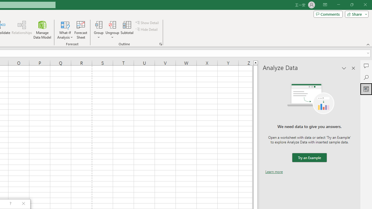 Image resolution: width=372 pixels, height=209 pixels. I want to click on 'Hide Detail', so click(147, 29).